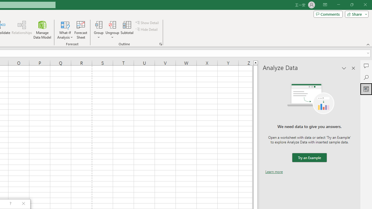 Image resolution: width=372 pixels, height=209 pixels. I want to click on 'Hide Detail', so click(147, 29).